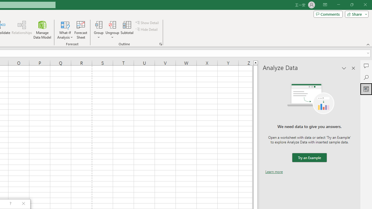 Image resolution: width=372 pixels, height=209 pixels. I want to click on 'Hide Detail', so click(147, 29).